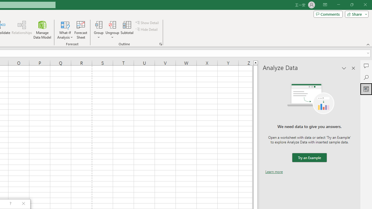 Image resolution: width=372 pixels, height=209 pixels. I want to click on 'Hide Detail', so click(147, 29).